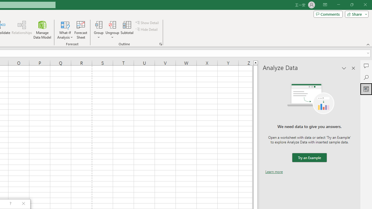 Image resolution: width=372 pixels, height=209 pixels. I want to click on 'Hide Detail', so click(147, 29).